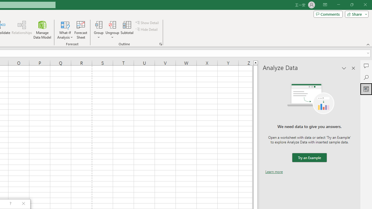 Image resolution: width=372 pixels, height=209 pixels. I want to click on 'Hide Detail', so click(147, 29).